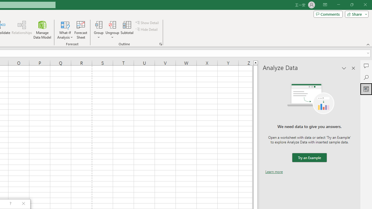 Image resolution: width=372 pixels, height=209 pixels. I want to click on 'Hide Detail', so click(147, 29).